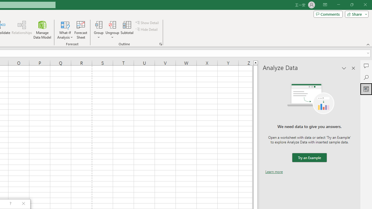 Image resolution: width=372 pixels, height=209 pixels. I want to click on 'Hide Detail', so click(147, 29).